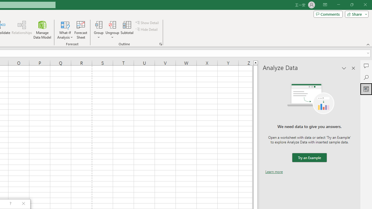 Image resolution: width=372 pixels, height=209 pixels. I want to click on 'Hide Detail', so click(147, 29).